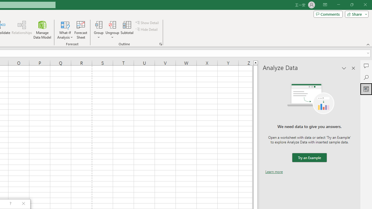 Image resolution: width=372 pixels, height=209 pixels. I want to click on 'Hide Detail', so click(147, 29).